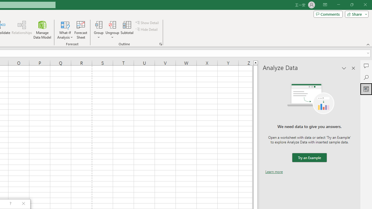 Image resolution: width=372 pixels, height=209 pixels. I want to click on 'Hide Detail', so click(147, 29).